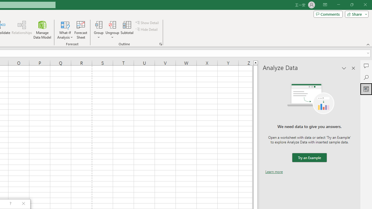 Image resolution: width=372 pixels, height=209 pixels. I want to click on 'Hide Detail', so click(147, 29).